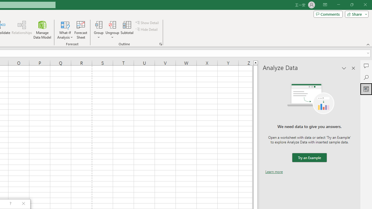 Image resolution: width=372 pixels, height=209 pixels. I want to click on 'Hide Detail', so click(147, 29).